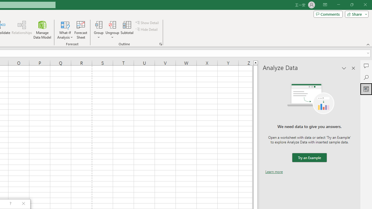 Image resolution: width=372 pixels, height=209 pixels. I want to click on 'Hide Detail', so click(147, 29).